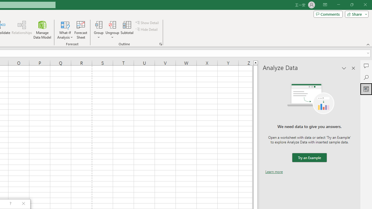 Image resolution: width=372 pixels, height=209 pixels. I want to click on 'Hide Detail', so click(147, 29).